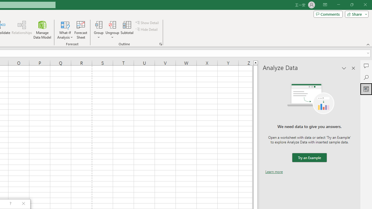 Image resolution: width=372 pixels, height=209 pixels. I want to click on 'Hide Detail', so click(147, 29).